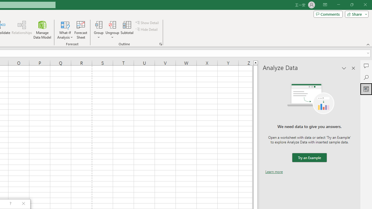 Image resolution: width=372 pixels, height=209 pixels. I want to click on 'Hide Detail', so click(147, 29).